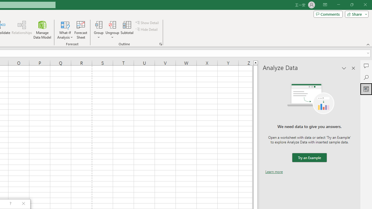 Image resolution: width=372 pixels, height=209 pixels. I want to click on 'Hide Detail', so click(147, 29).